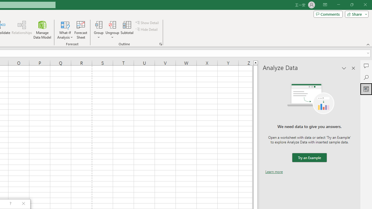 Image resolution: width=372 pixels, height=209 pixels. I want to click on 'Hide Detail', so click(147, 29).